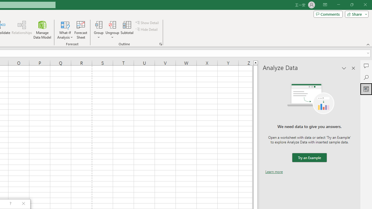 Image resolution: width=372 pixels, height=209 pixels. I want to click on 'Hide Detail', so click(147, 29).